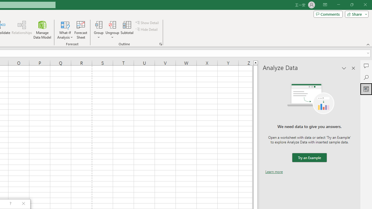 Image resolution: width=372 pixels, height=209 pixels. I want to click on 'Hide Detail', so click(147, 29).